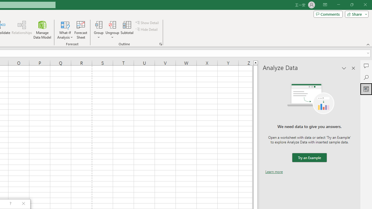 Image resolution: width=372 pixels, height=209 pixels. I want to click on 'Hide Detail', so click(147, 29).